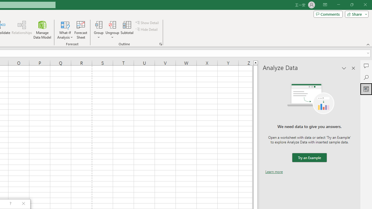 Image resolution: width=372 pixels, height=209 pixels. I want to click on 'Hide Detail', so click(147, 29).